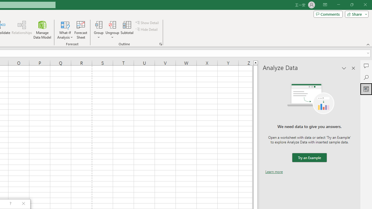 Image resolution: width=372 pixels, height=209 pixels. I want to click on 'Hide Detail', so click(147, 29).